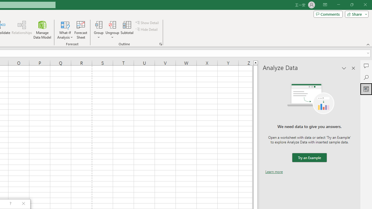 Image resolution: width=372 pixels, height=209 pixels. I want to click on 'Hide Detail', so click(147, 29).